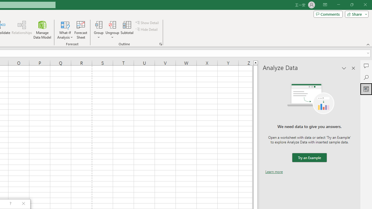 Image resolution: width=372 pixels, height=209 pixels. I want to click on 'Hide Detail', so click(147, 29).